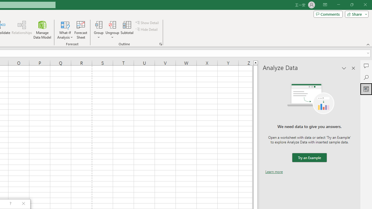 Image resolution: width=372 pixels, height=209 pixels. I want to click on 'Hide Detail', so click(147, 29).